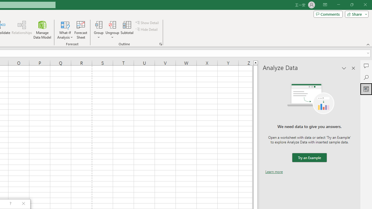 Image resolution: width=372 pixels, height=209 pixels. I want to click on 'Hide Detail', so click(147, 29).